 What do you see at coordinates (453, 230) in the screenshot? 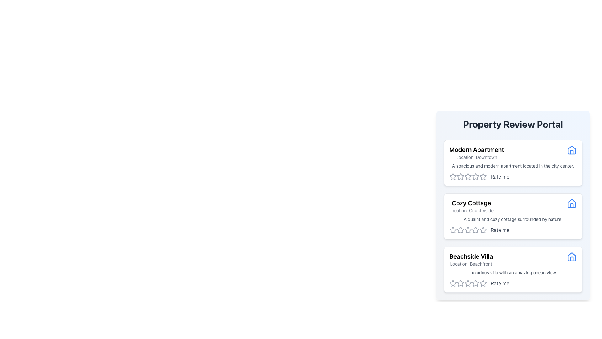
I see `the first star icon in the rating system for the 'Cozy Cottage' property card` at bounding box center [453, 230].